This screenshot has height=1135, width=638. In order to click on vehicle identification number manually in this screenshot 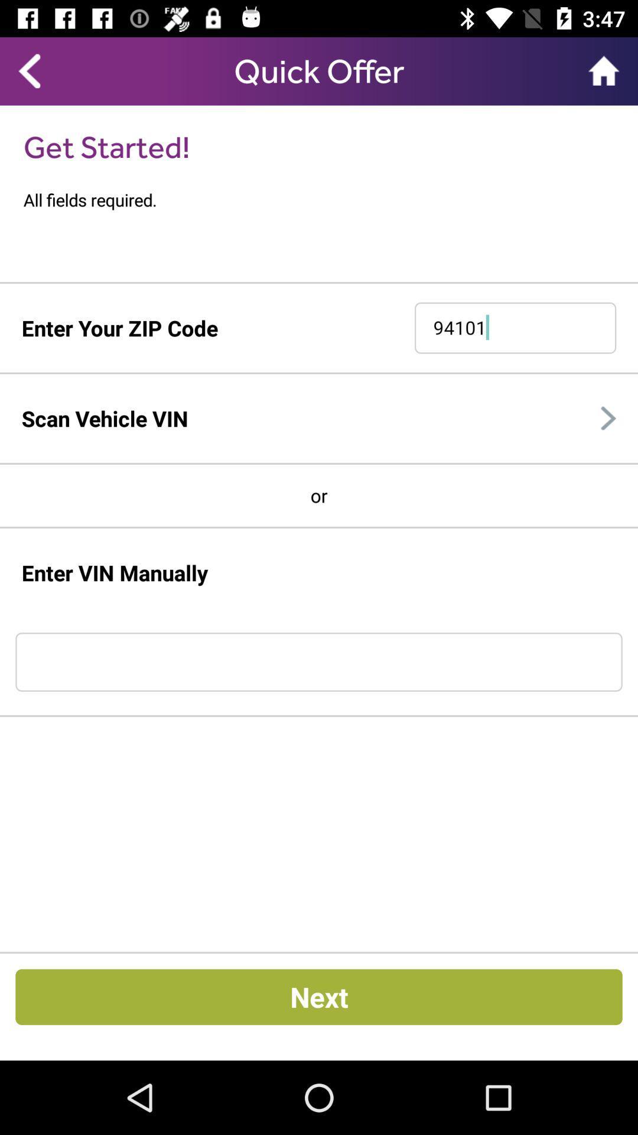, I will do `click(319, 662)`.